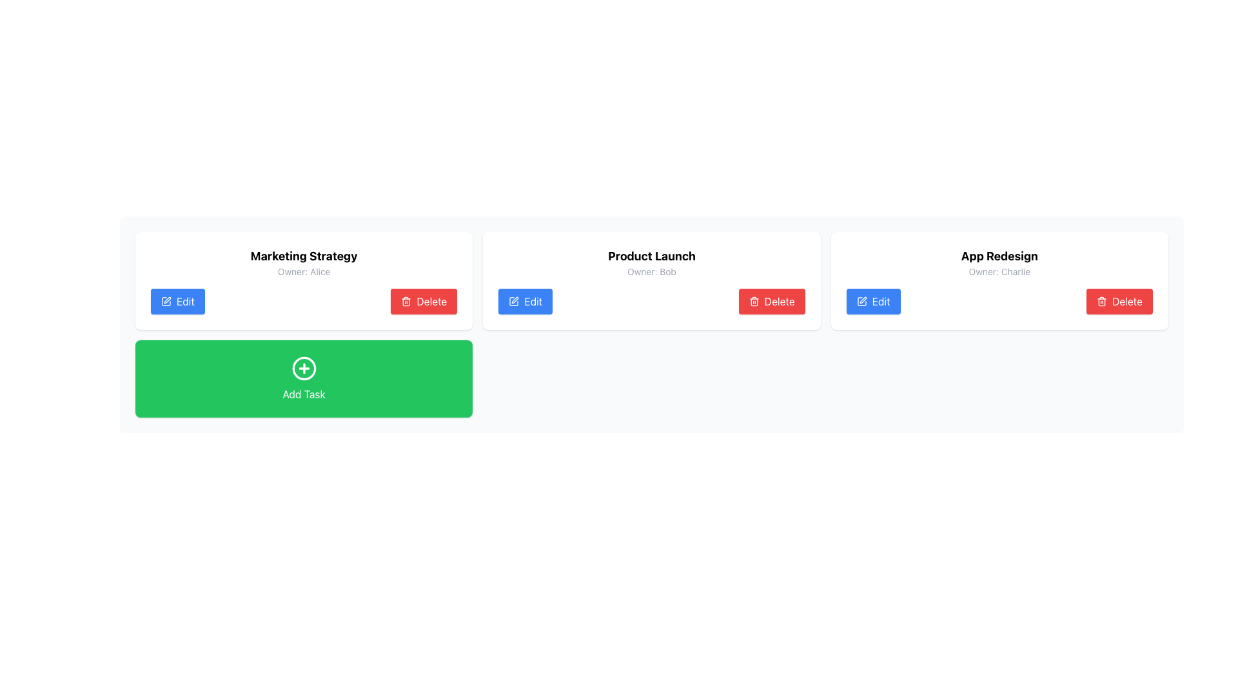 The width and height of the screenshot is (1238, 696). What do you see at coordinates (863, 300) in the screenshot?
I see `the pen icon fragment within the edit button of the 'Product Launch' task card, which symbolizes the edit function` at bounding box center [863, 300].